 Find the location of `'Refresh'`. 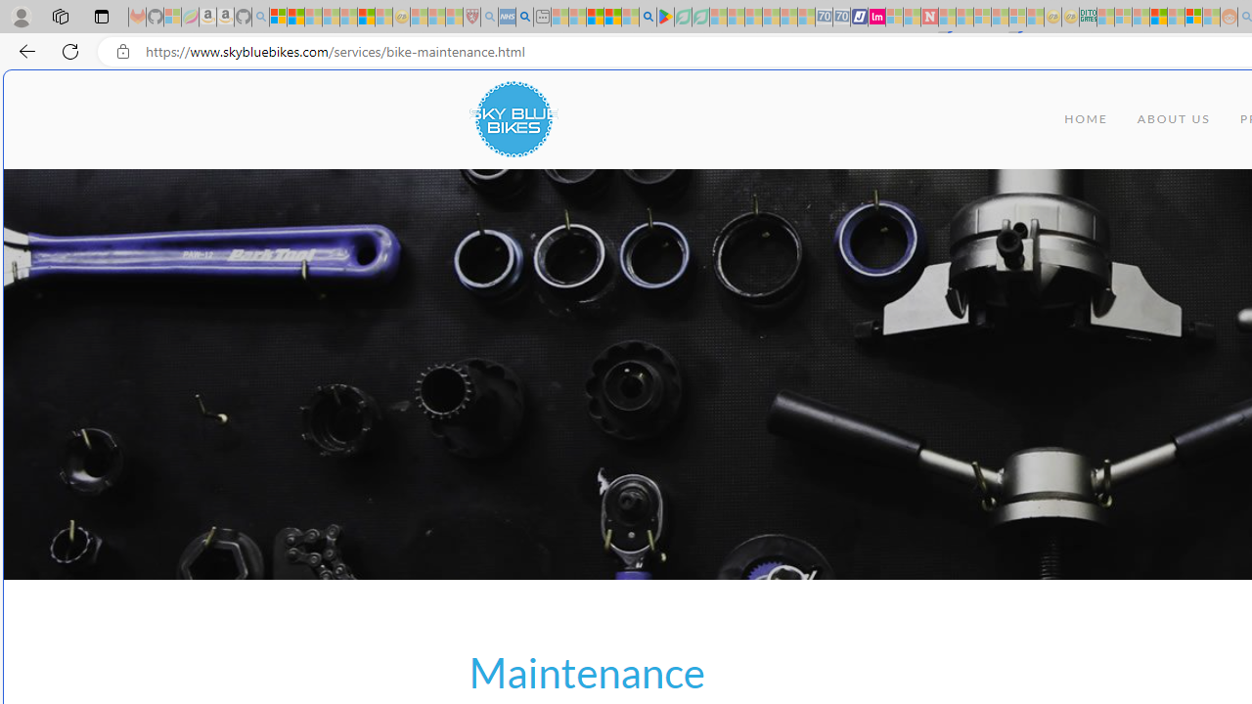

'Refresh' is located at coordinates (70, 50).